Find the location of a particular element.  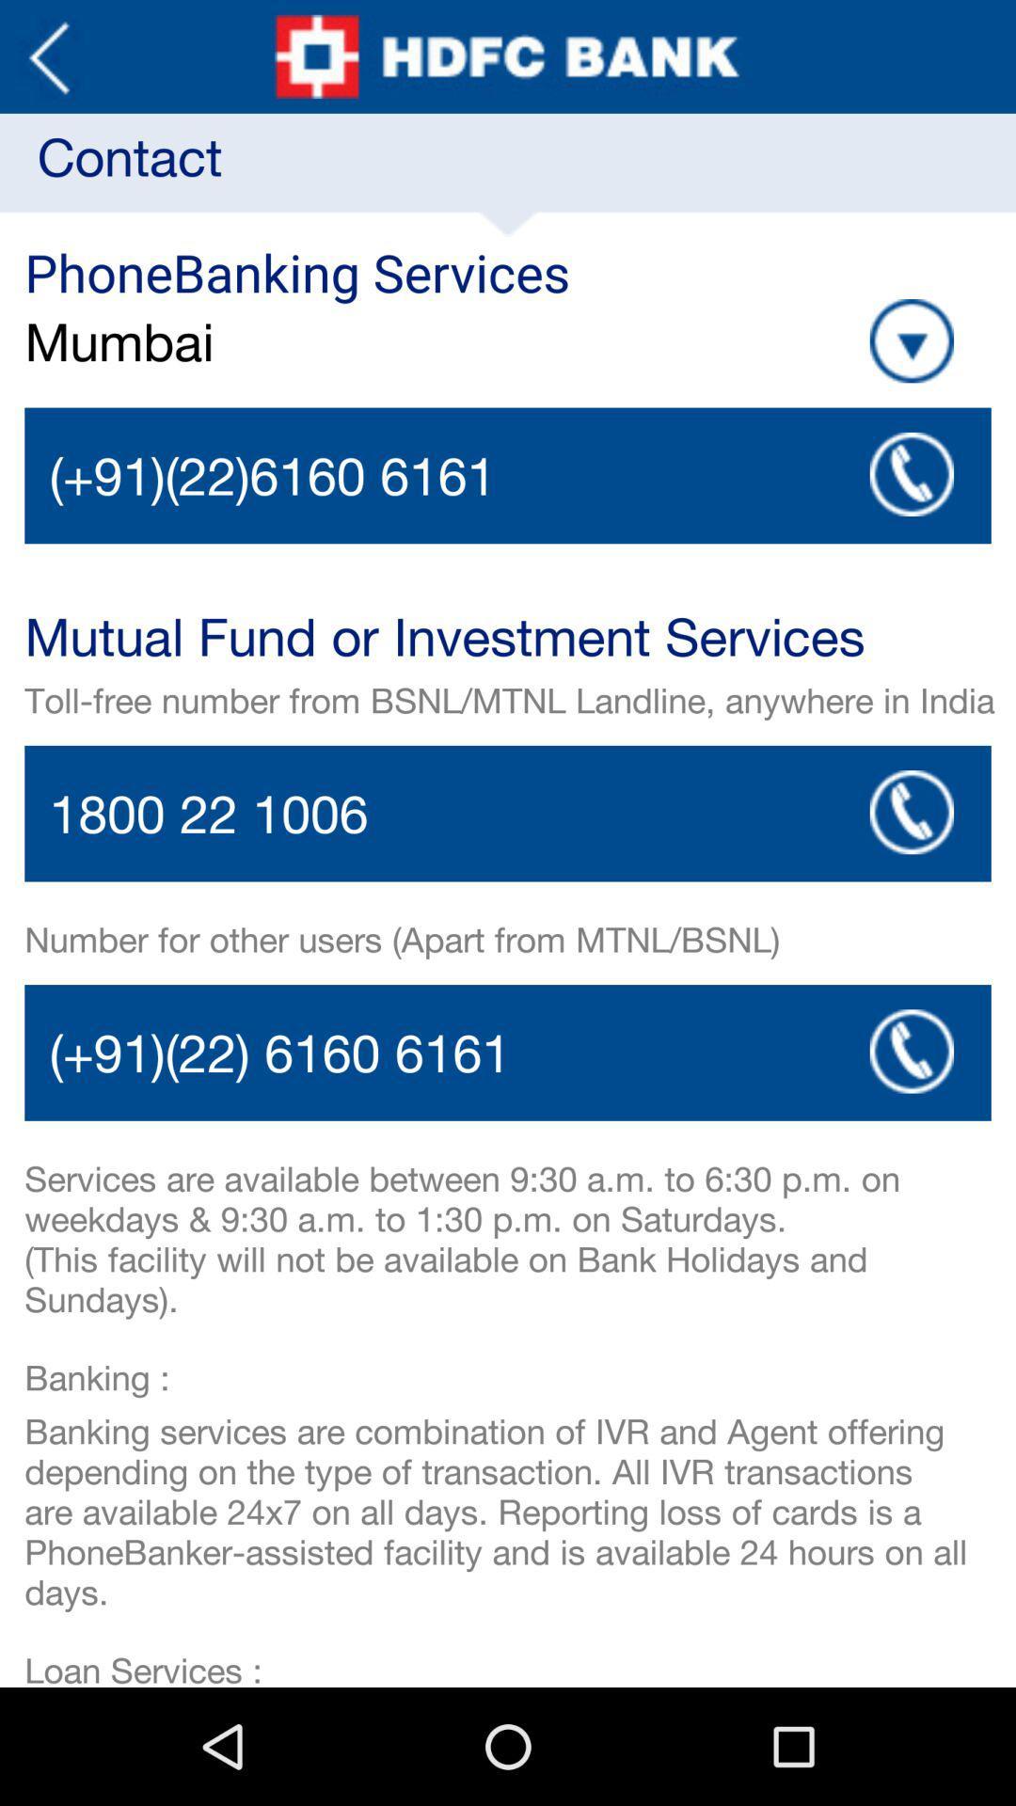

call option is located at coordinates (508, 814).